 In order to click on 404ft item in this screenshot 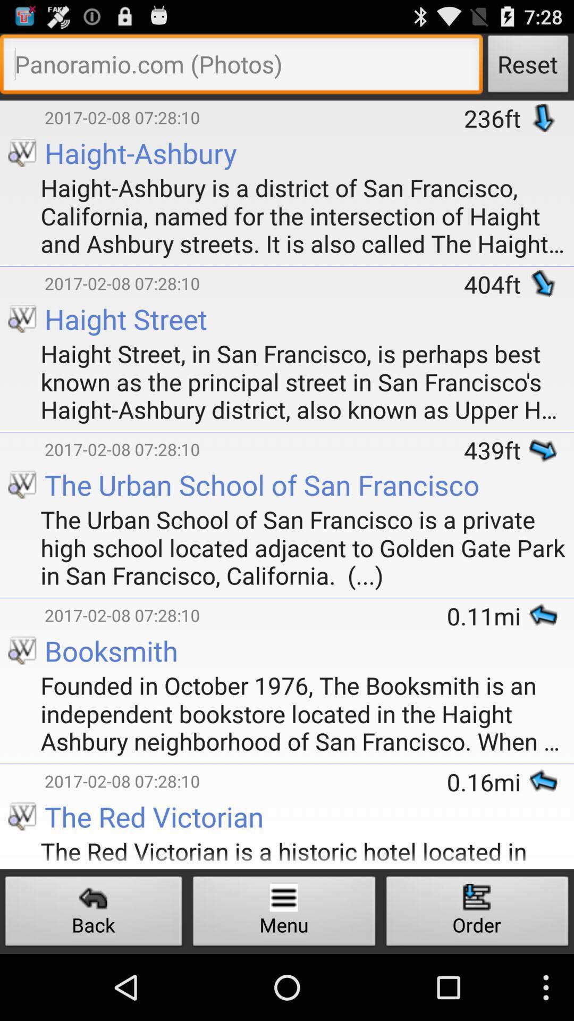, I will do `click(496, 284)`.